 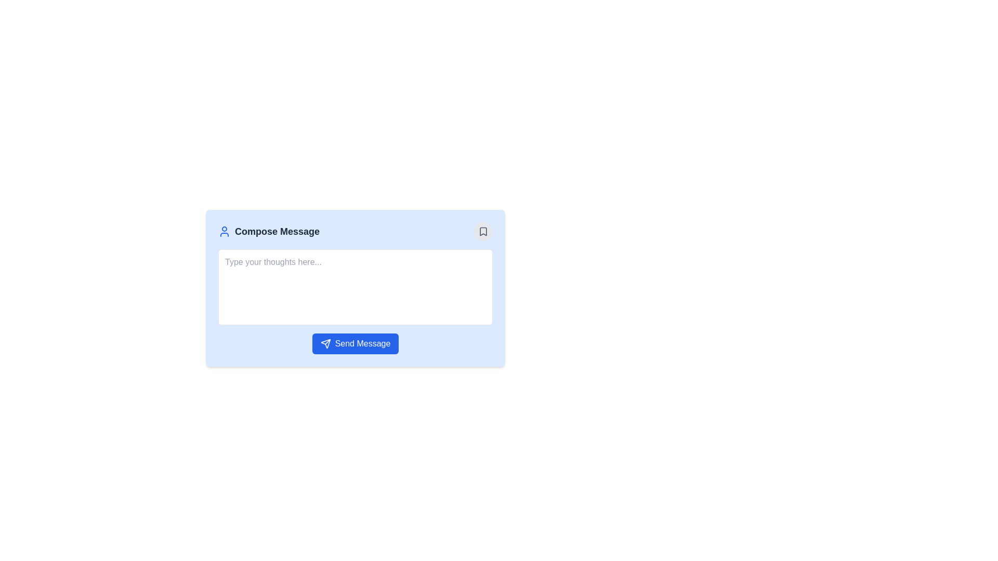 I want to click on the 'Send Message' button which includes the SVG graphic element symbolizing sending a message, located below the text input field, so click(x=325, y=344).